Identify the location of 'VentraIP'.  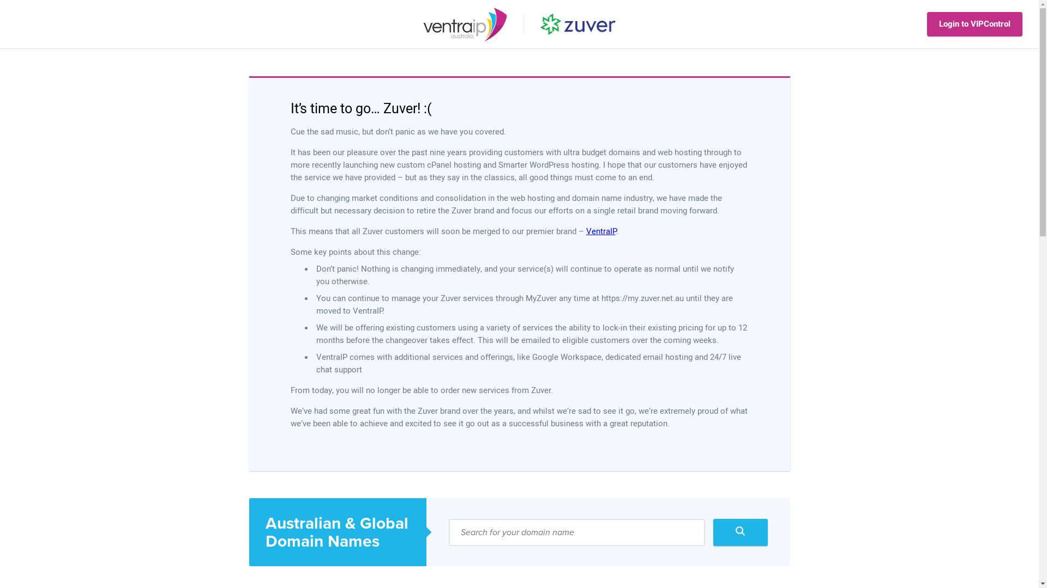
(599, 230).